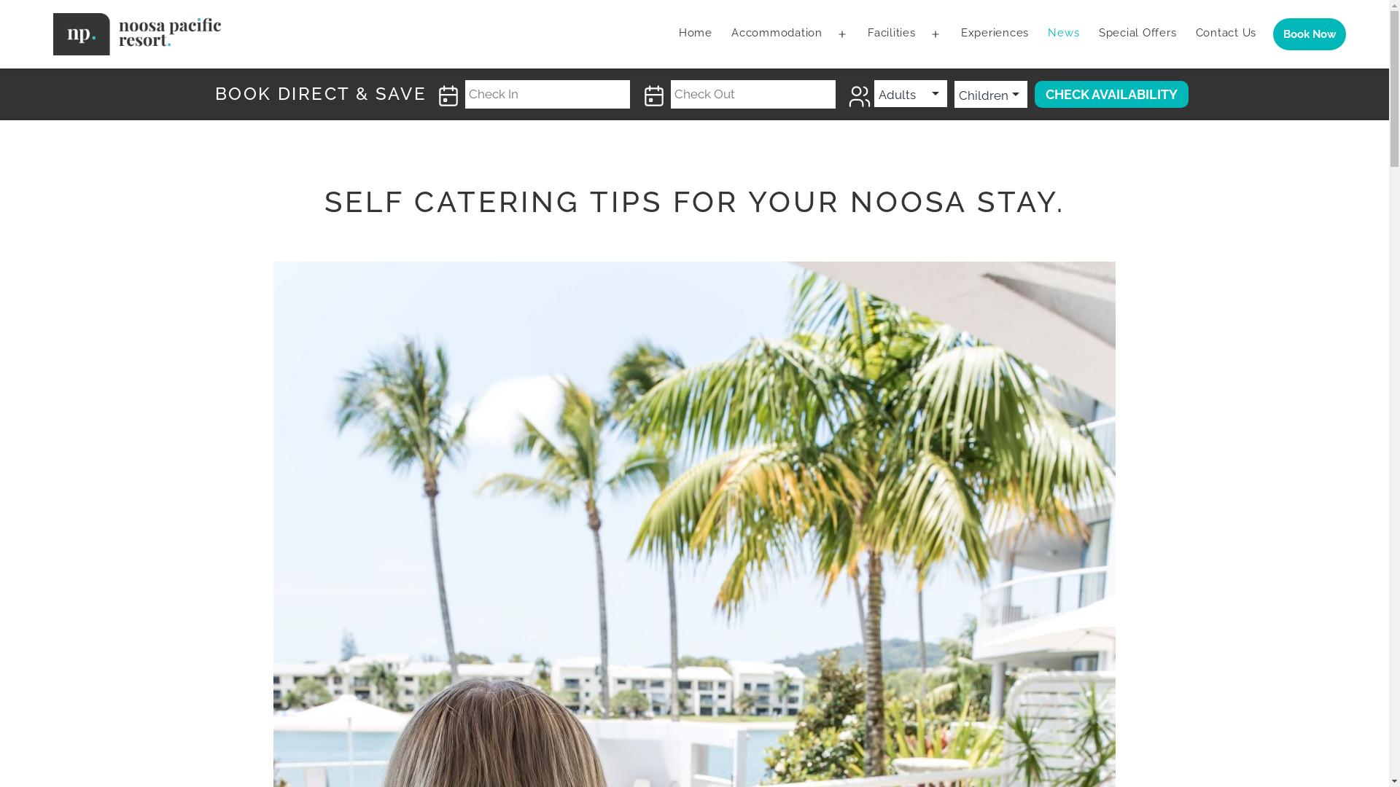 The width and height of the screenshot is (1400, 787). Describe the element at coordinates (891, 34) in the screenshot. I see `'Facilities'` at that location.